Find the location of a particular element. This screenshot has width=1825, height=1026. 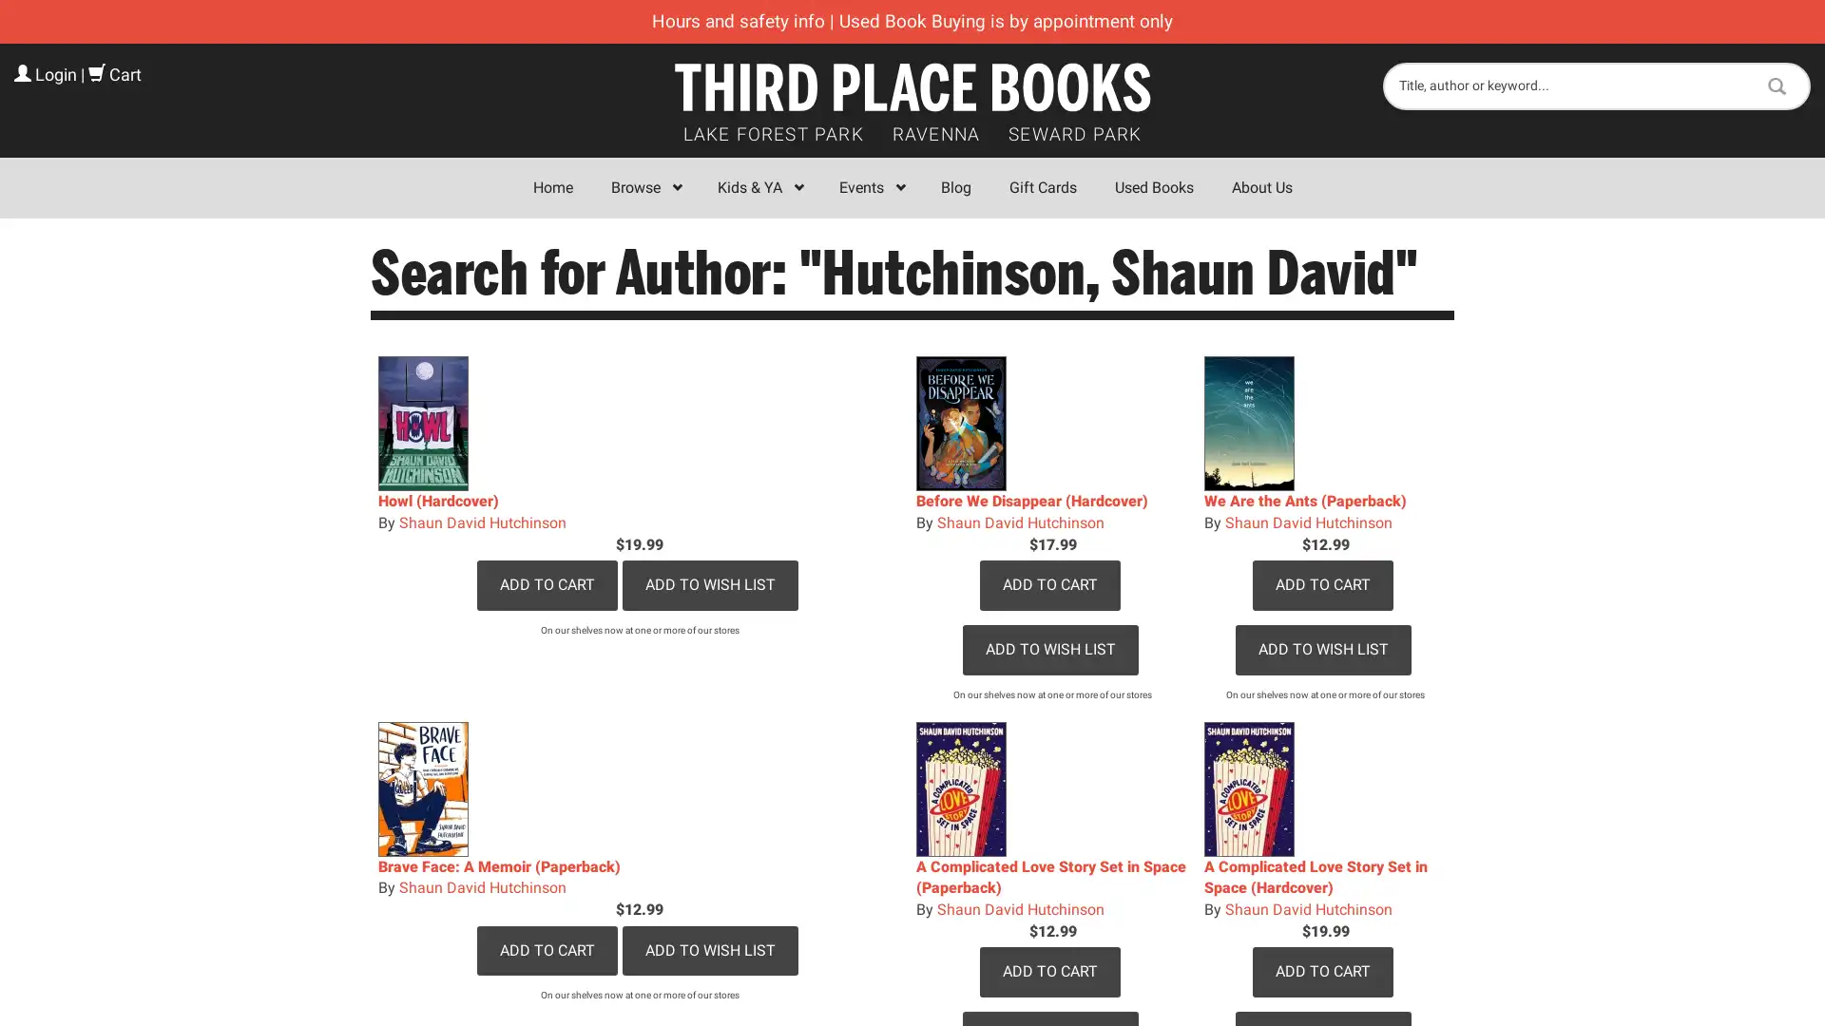

Add to Wish List is located at coordinates (1321, 648).